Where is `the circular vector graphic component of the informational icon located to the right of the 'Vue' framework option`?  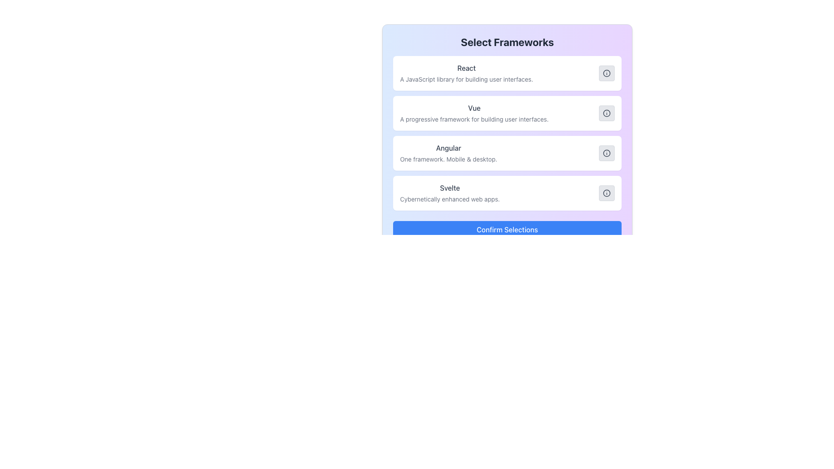
the circular vector graphic component of the informational icon located to the right of the 'Vue' framework option is located at coordinates (606, 113).